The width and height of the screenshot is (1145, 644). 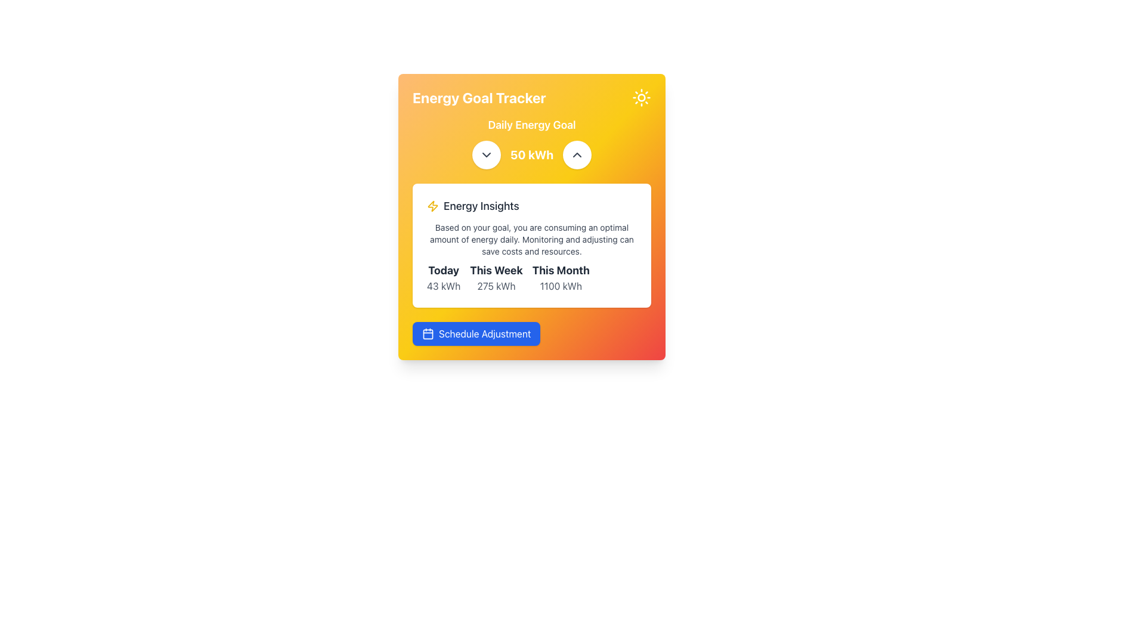 What do you see at coordinates (443, 286) in the screenshot?
I see `the text label displaying '43 kWh', which is a subdued gray font located below the 'Today' label in the 'Energy Insights' panel` at bounding box center [443, 286].